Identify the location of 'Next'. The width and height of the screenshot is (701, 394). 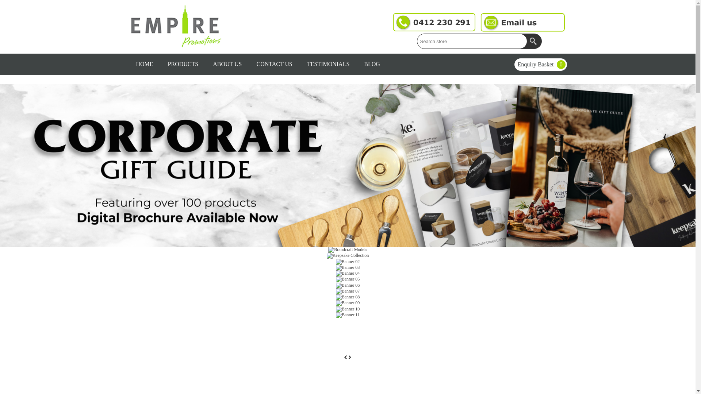
(349, 357).